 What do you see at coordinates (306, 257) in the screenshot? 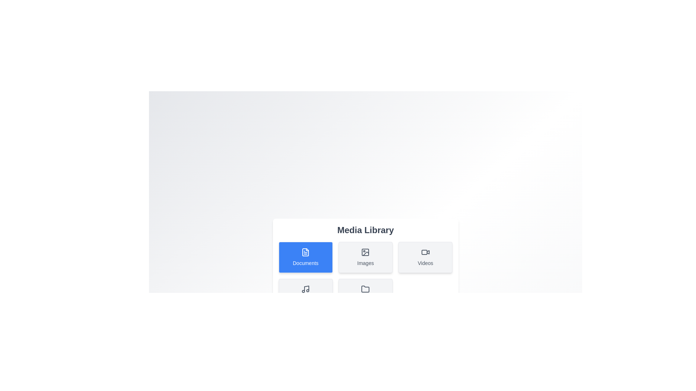
I see `the Documents button to observe the hover effect` at bounding box center [306, 257].